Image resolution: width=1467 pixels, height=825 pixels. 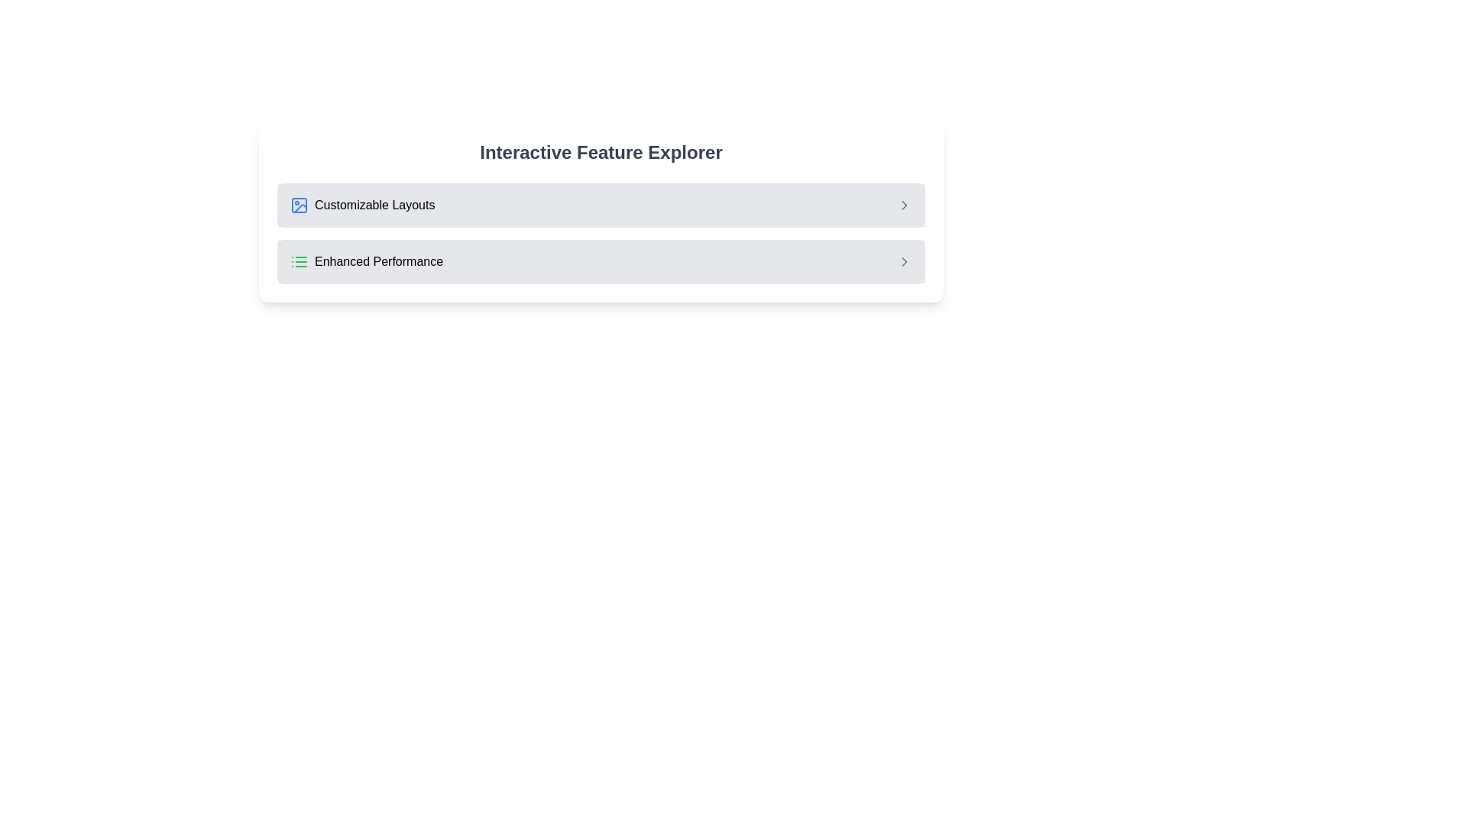 What do you see at coordinates (367, 261) in the screenshot?
I see `the green icon next to the text 'Enhanced Performance' in the highlighted list option` at bounding box center [367, 261].